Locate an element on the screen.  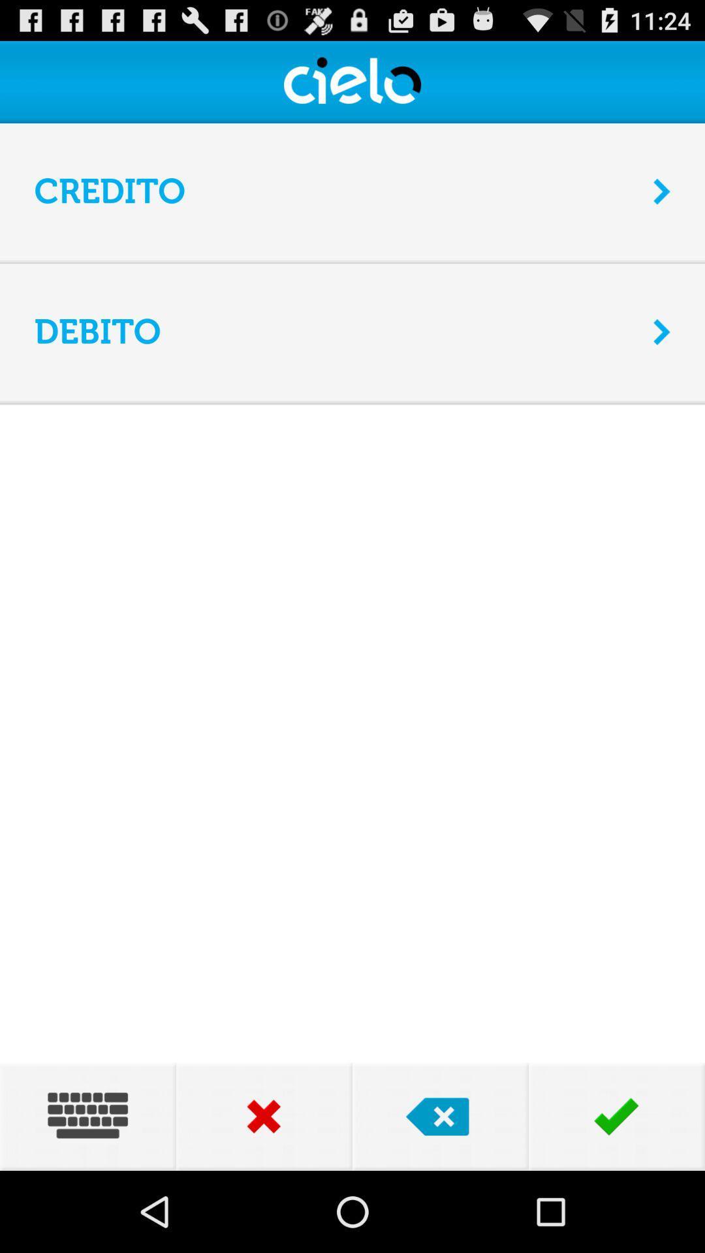
the icon to the right of the debito app is located at coordinates (662, 332).